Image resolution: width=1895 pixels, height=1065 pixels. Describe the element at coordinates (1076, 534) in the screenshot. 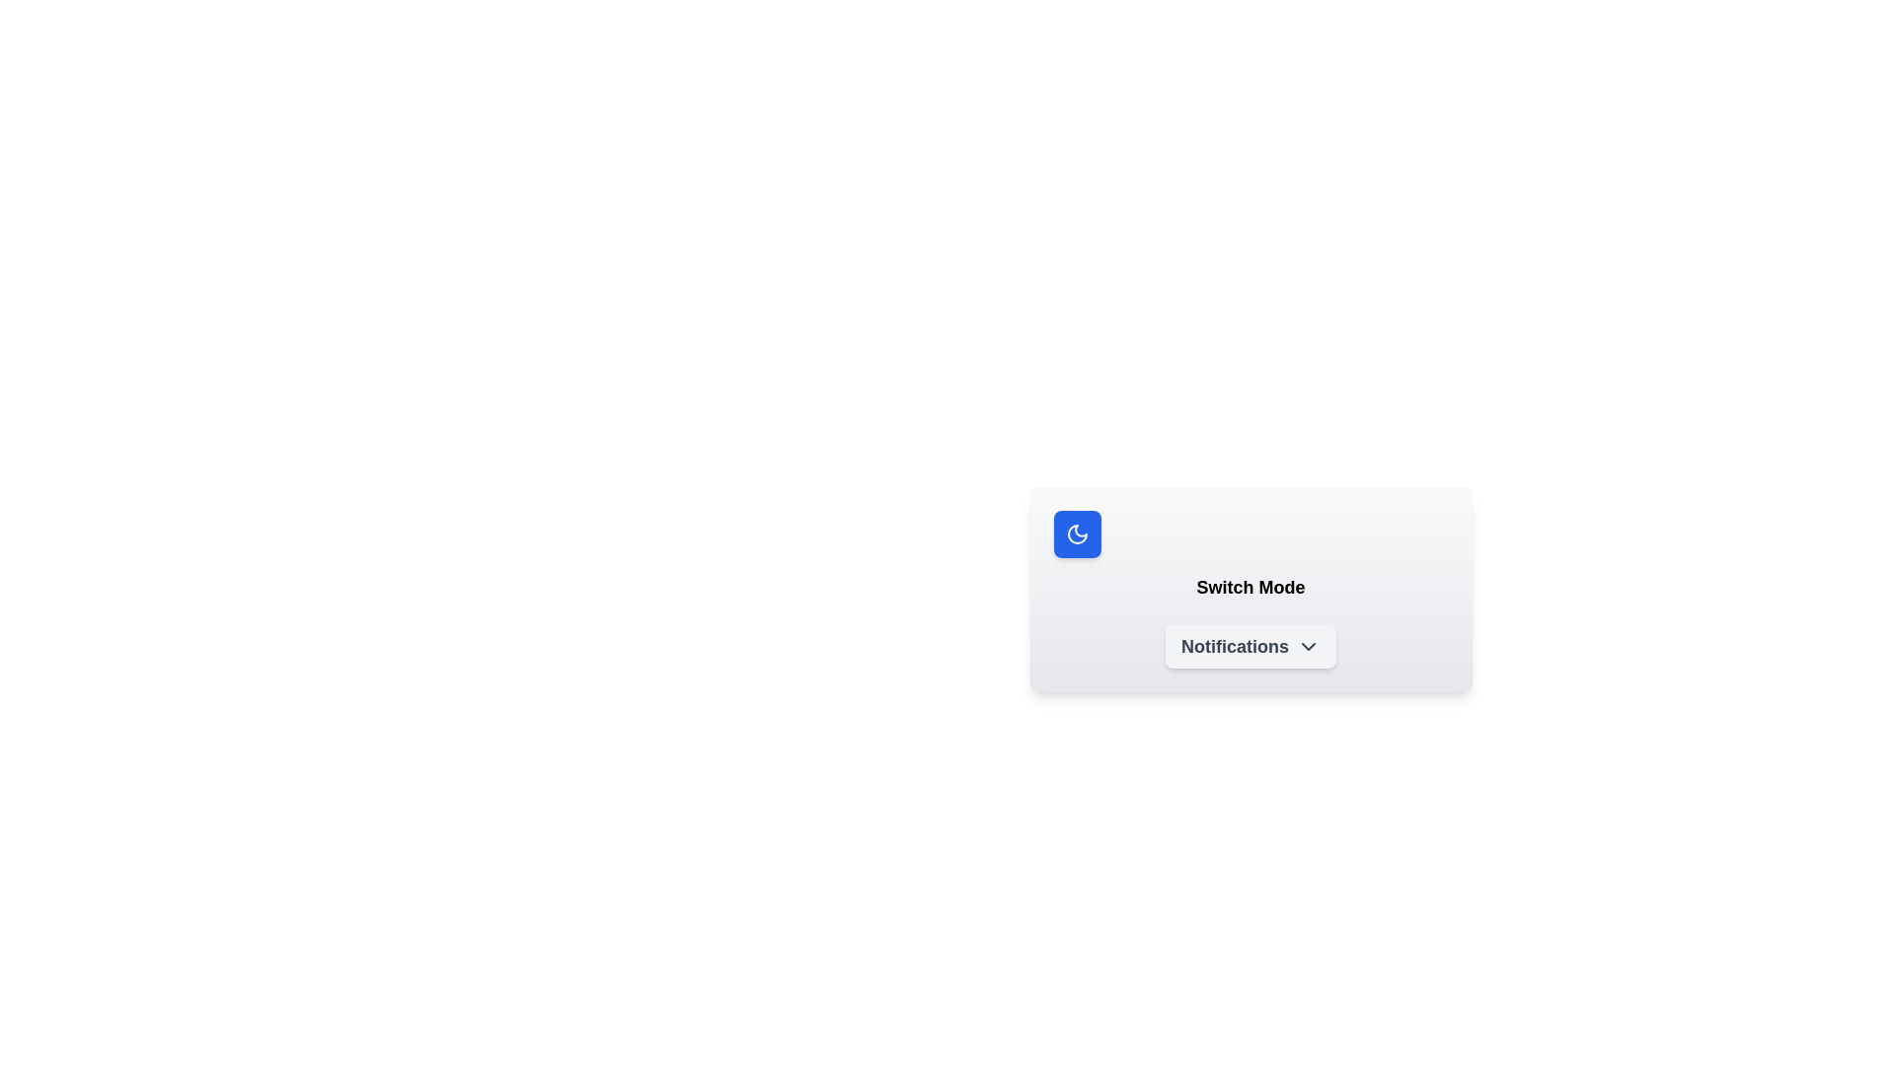

I see `the circular blue button with a white moon icon` at that location.